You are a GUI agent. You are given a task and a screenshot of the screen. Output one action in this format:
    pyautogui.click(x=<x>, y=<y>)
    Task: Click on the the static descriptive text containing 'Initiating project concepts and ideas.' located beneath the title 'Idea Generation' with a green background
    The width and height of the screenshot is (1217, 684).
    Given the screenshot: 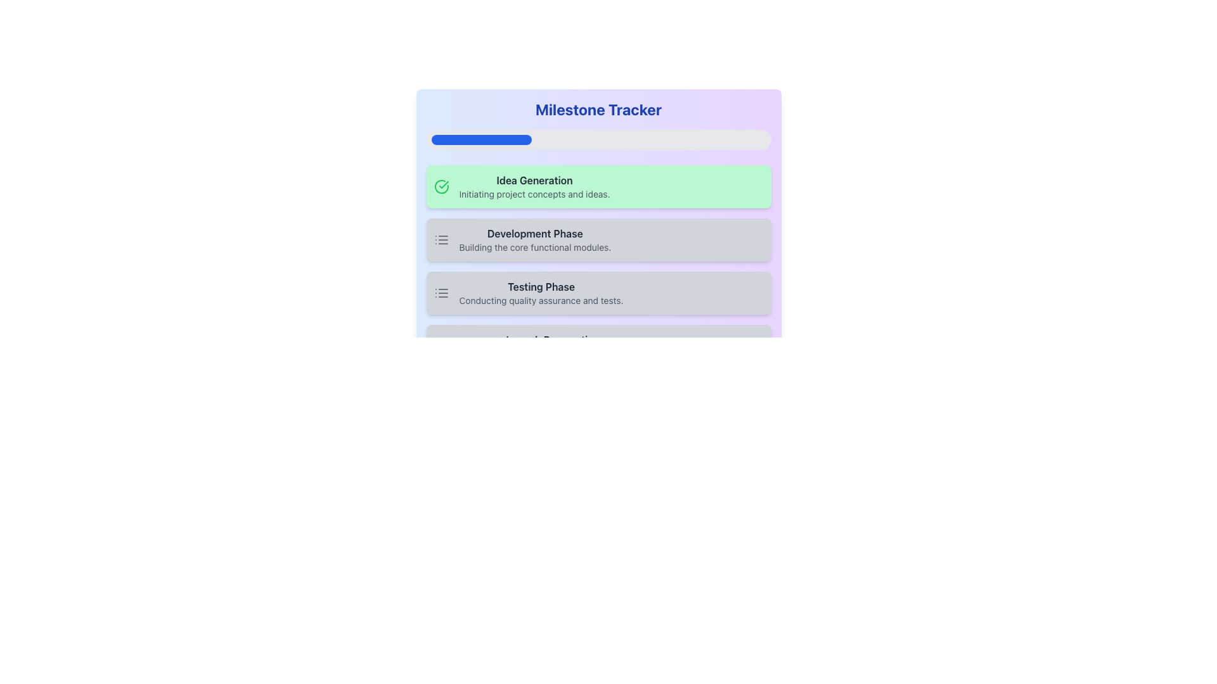 What is the action you would take?
    pyautogui.click(x=534, y=194)
    